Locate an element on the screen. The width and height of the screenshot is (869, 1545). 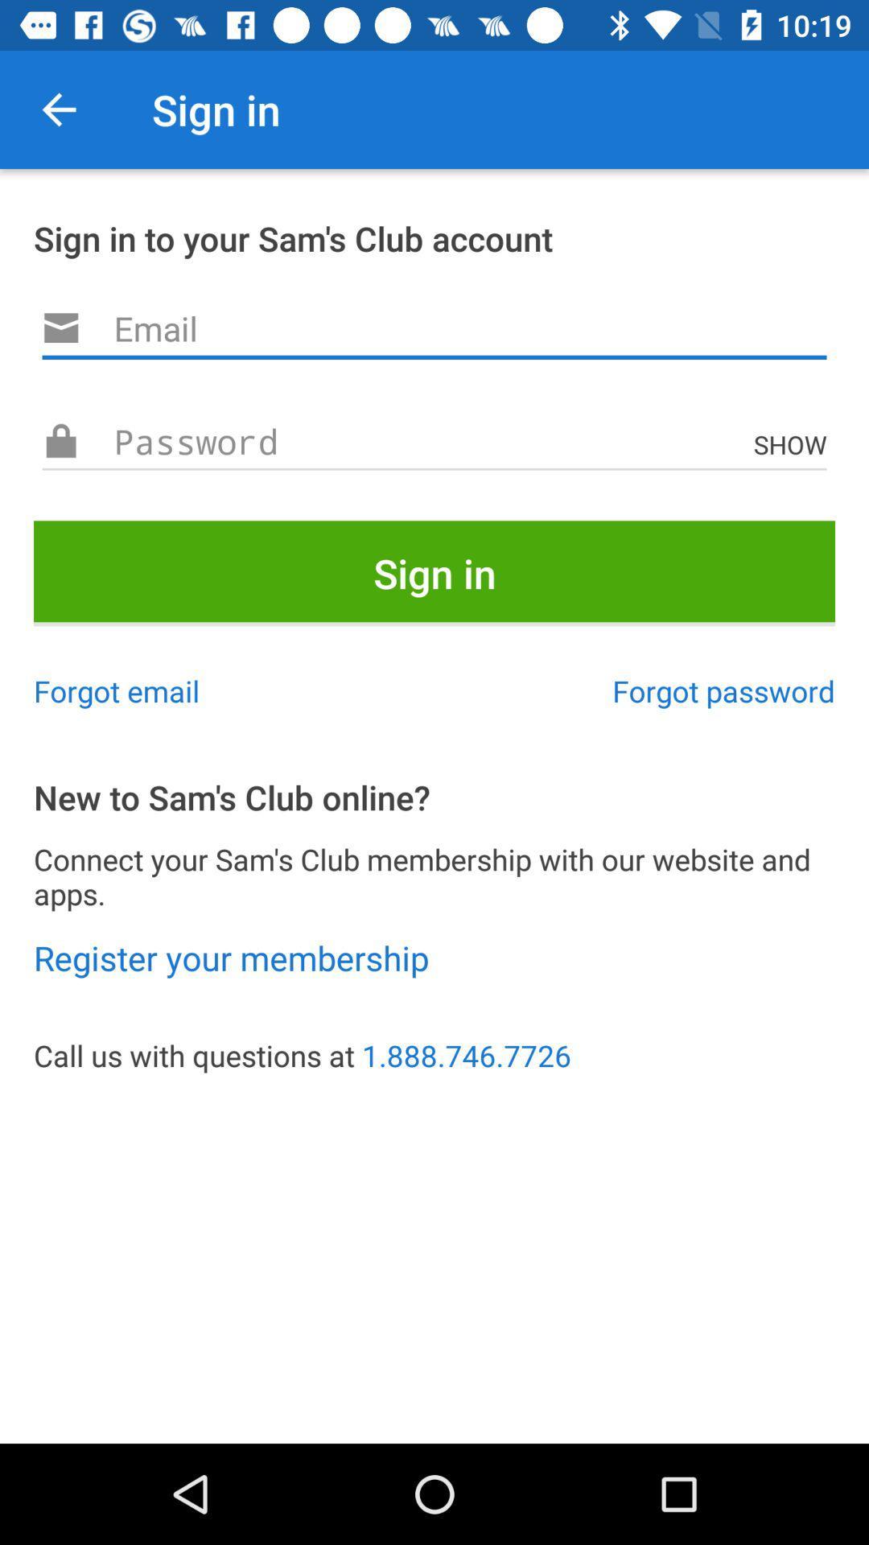
the item on the right is located at coordinates (723, 690).